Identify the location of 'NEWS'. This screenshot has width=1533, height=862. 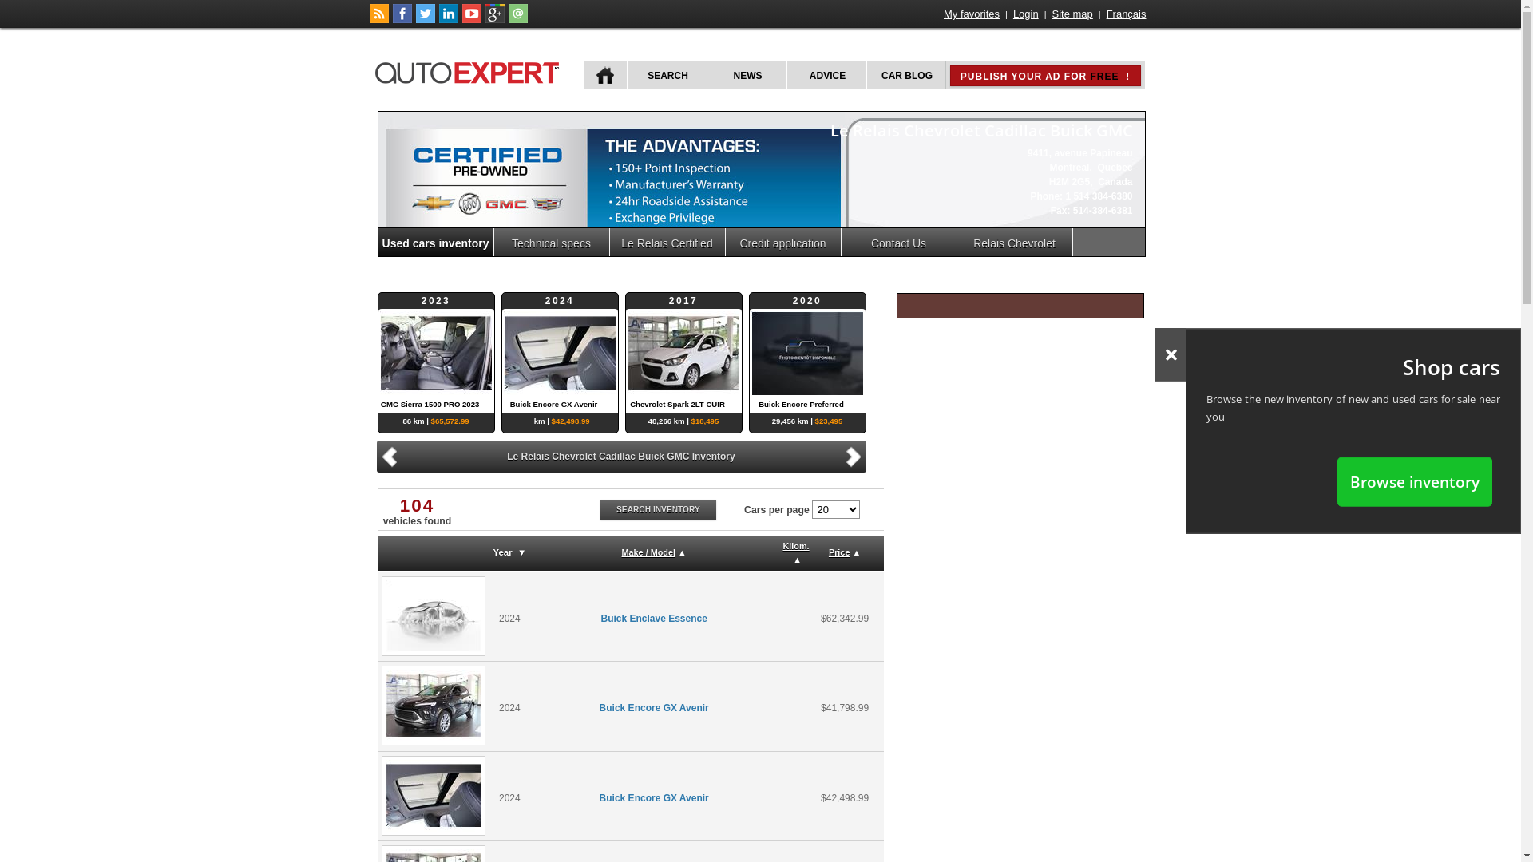
(745, 75).